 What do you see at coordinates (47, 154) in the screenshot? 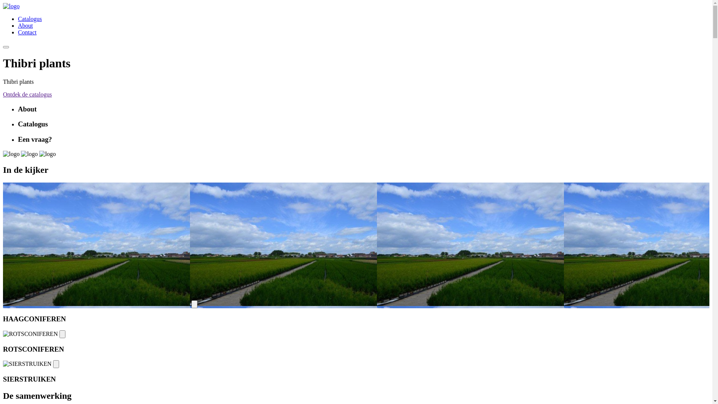
I see `'logo'` at bounding box center [47, 154].